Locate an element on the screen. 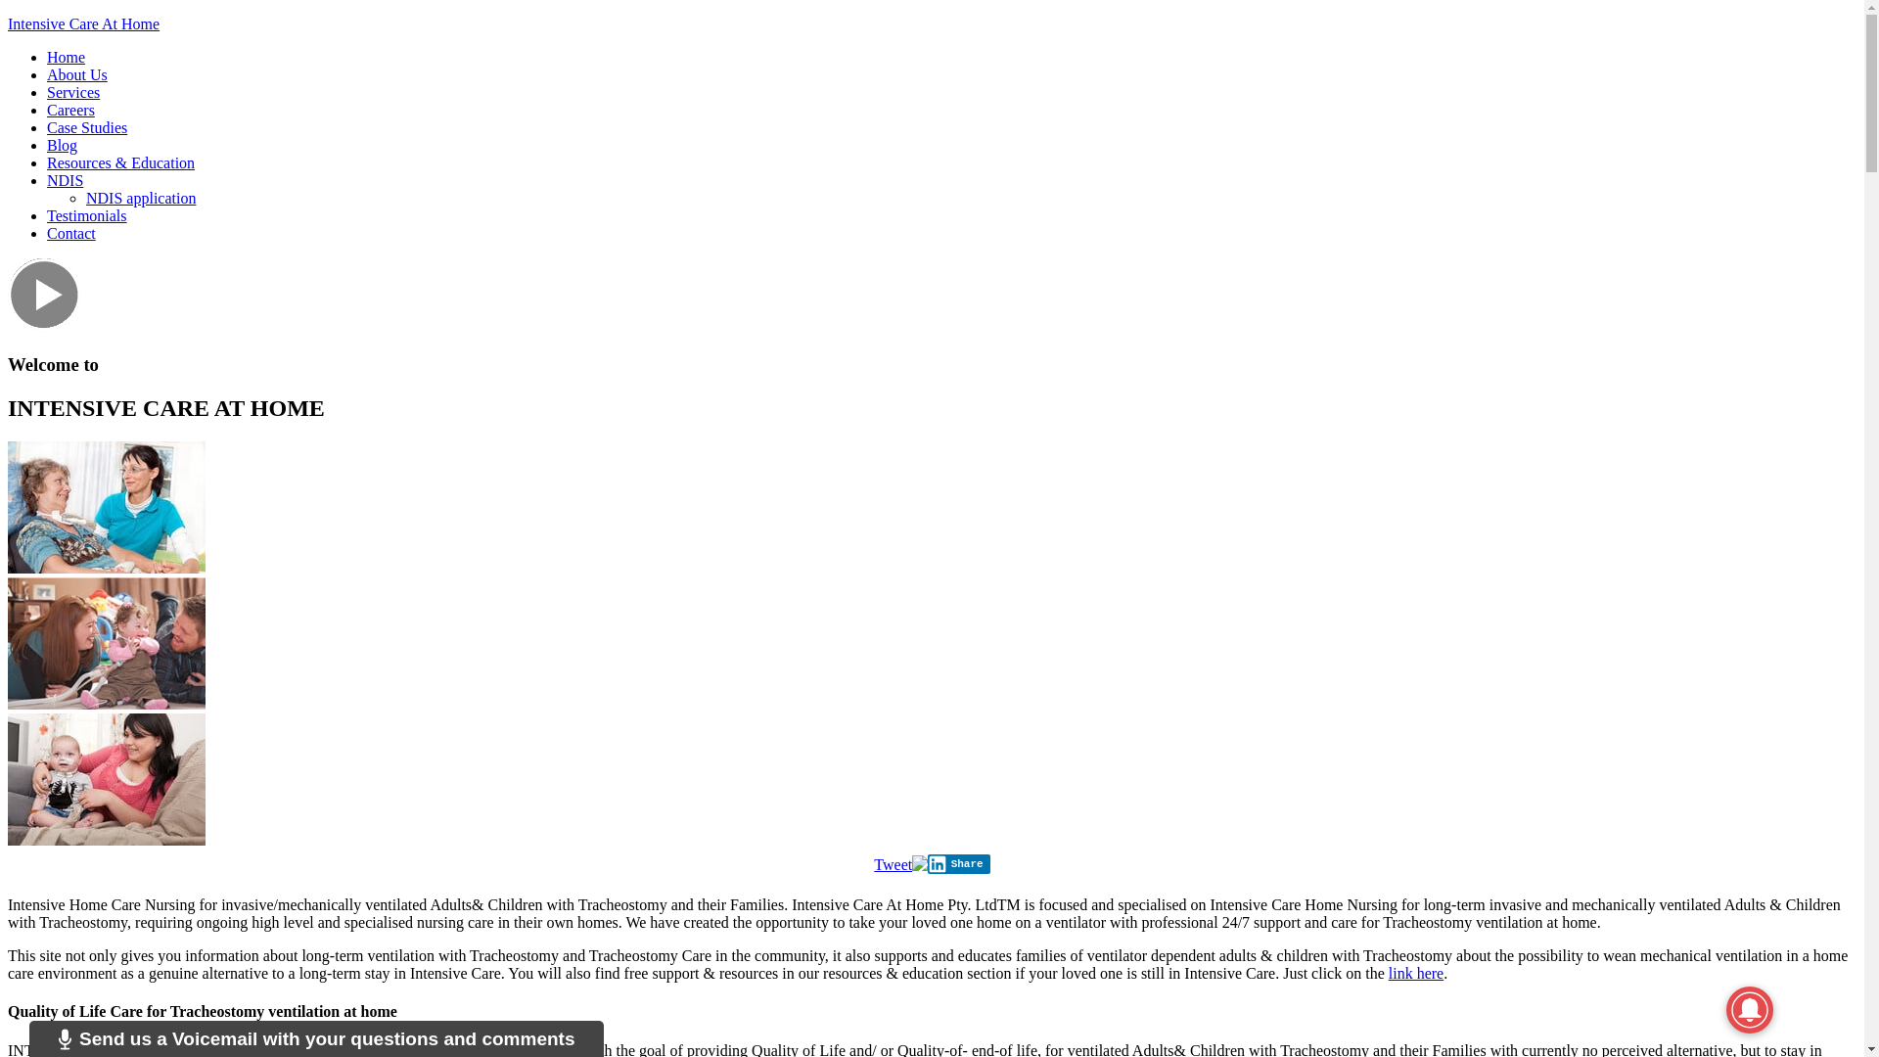 This screenshot has height=1057, width=1879. 'Tweet' is located at coordinates (892, 863).